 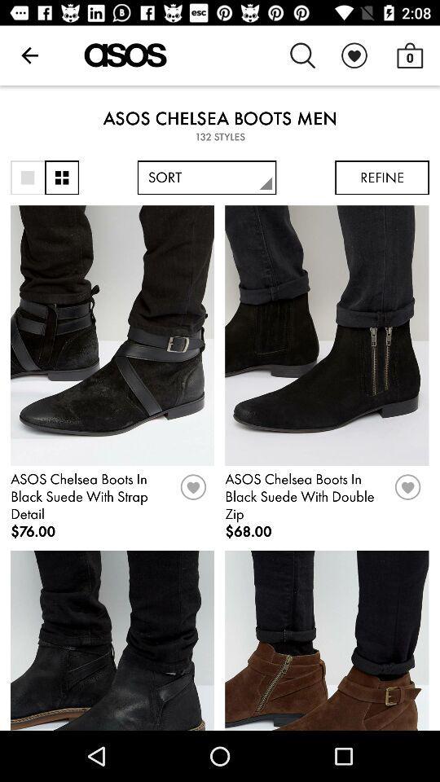 I want to click on the item below the 132 styles item, so click(x=207, y=178).